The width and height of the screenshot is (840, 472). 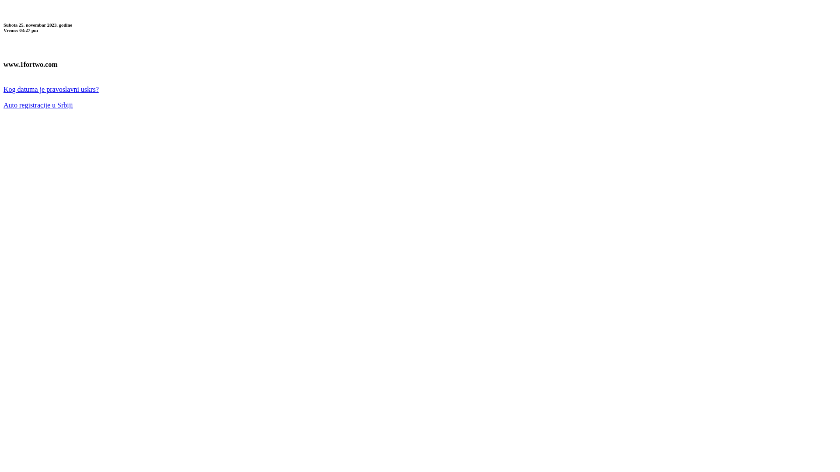 What do you see at coordinates (3, 104) in the screenshot?
I see `'Auto registracije u Srbiji'` at bounding box center [3, 104].